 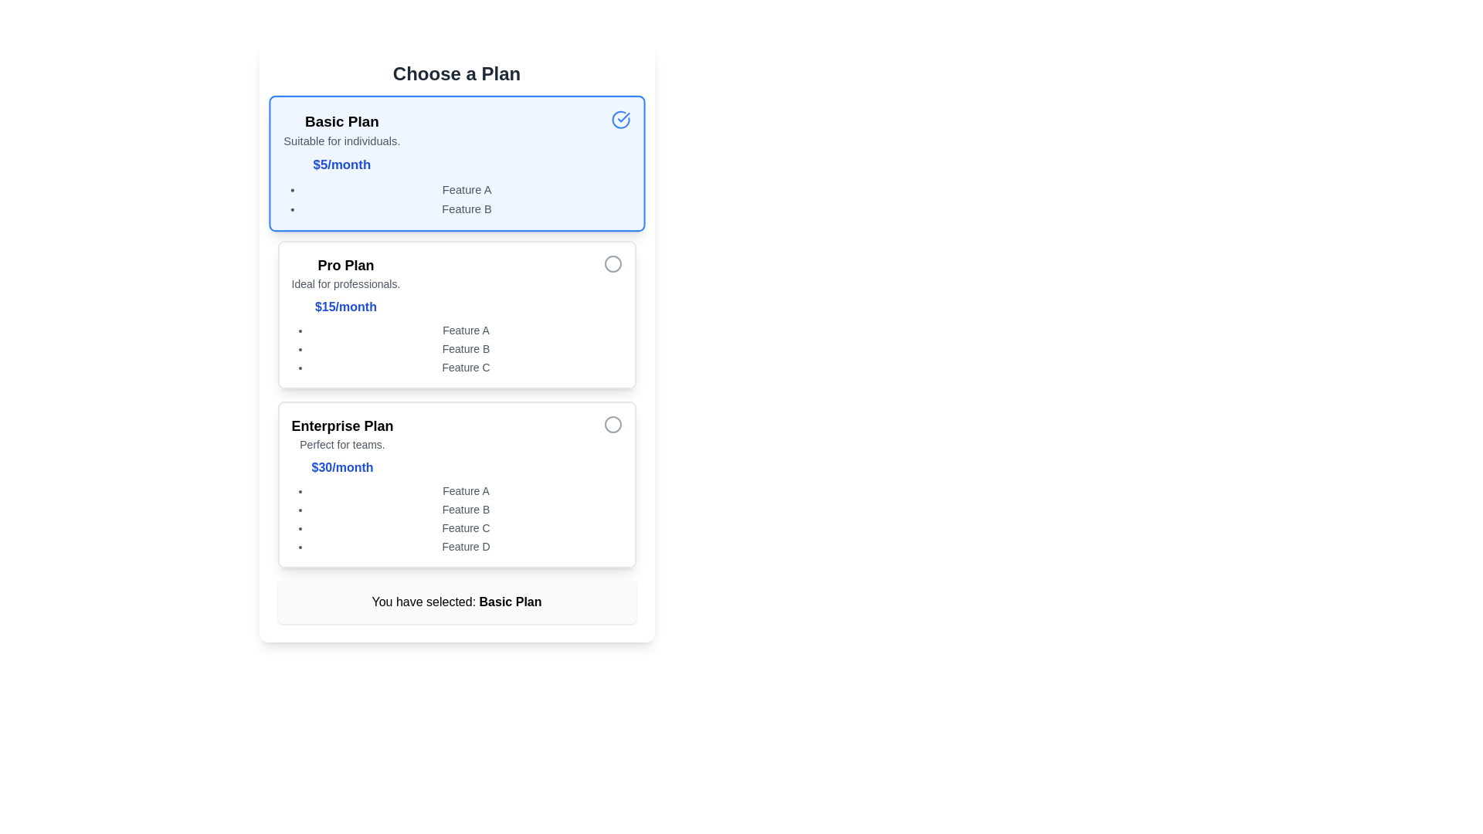 I want to click on the status of the selection indicator icon located at the top-right corner of the 'Basic Plan' subscription card, which signifies that this plan is currently chosen by the user, so click(x=620, y=119).